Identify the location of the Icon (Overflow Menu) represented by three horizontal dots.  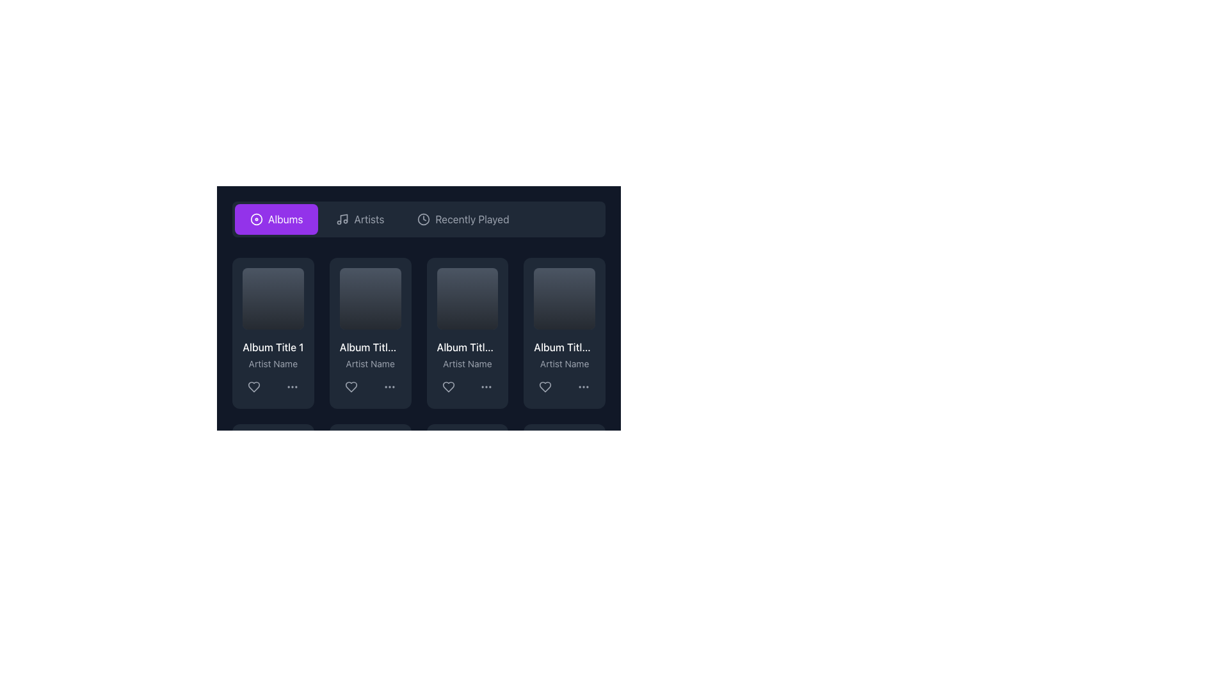
(486, 386).